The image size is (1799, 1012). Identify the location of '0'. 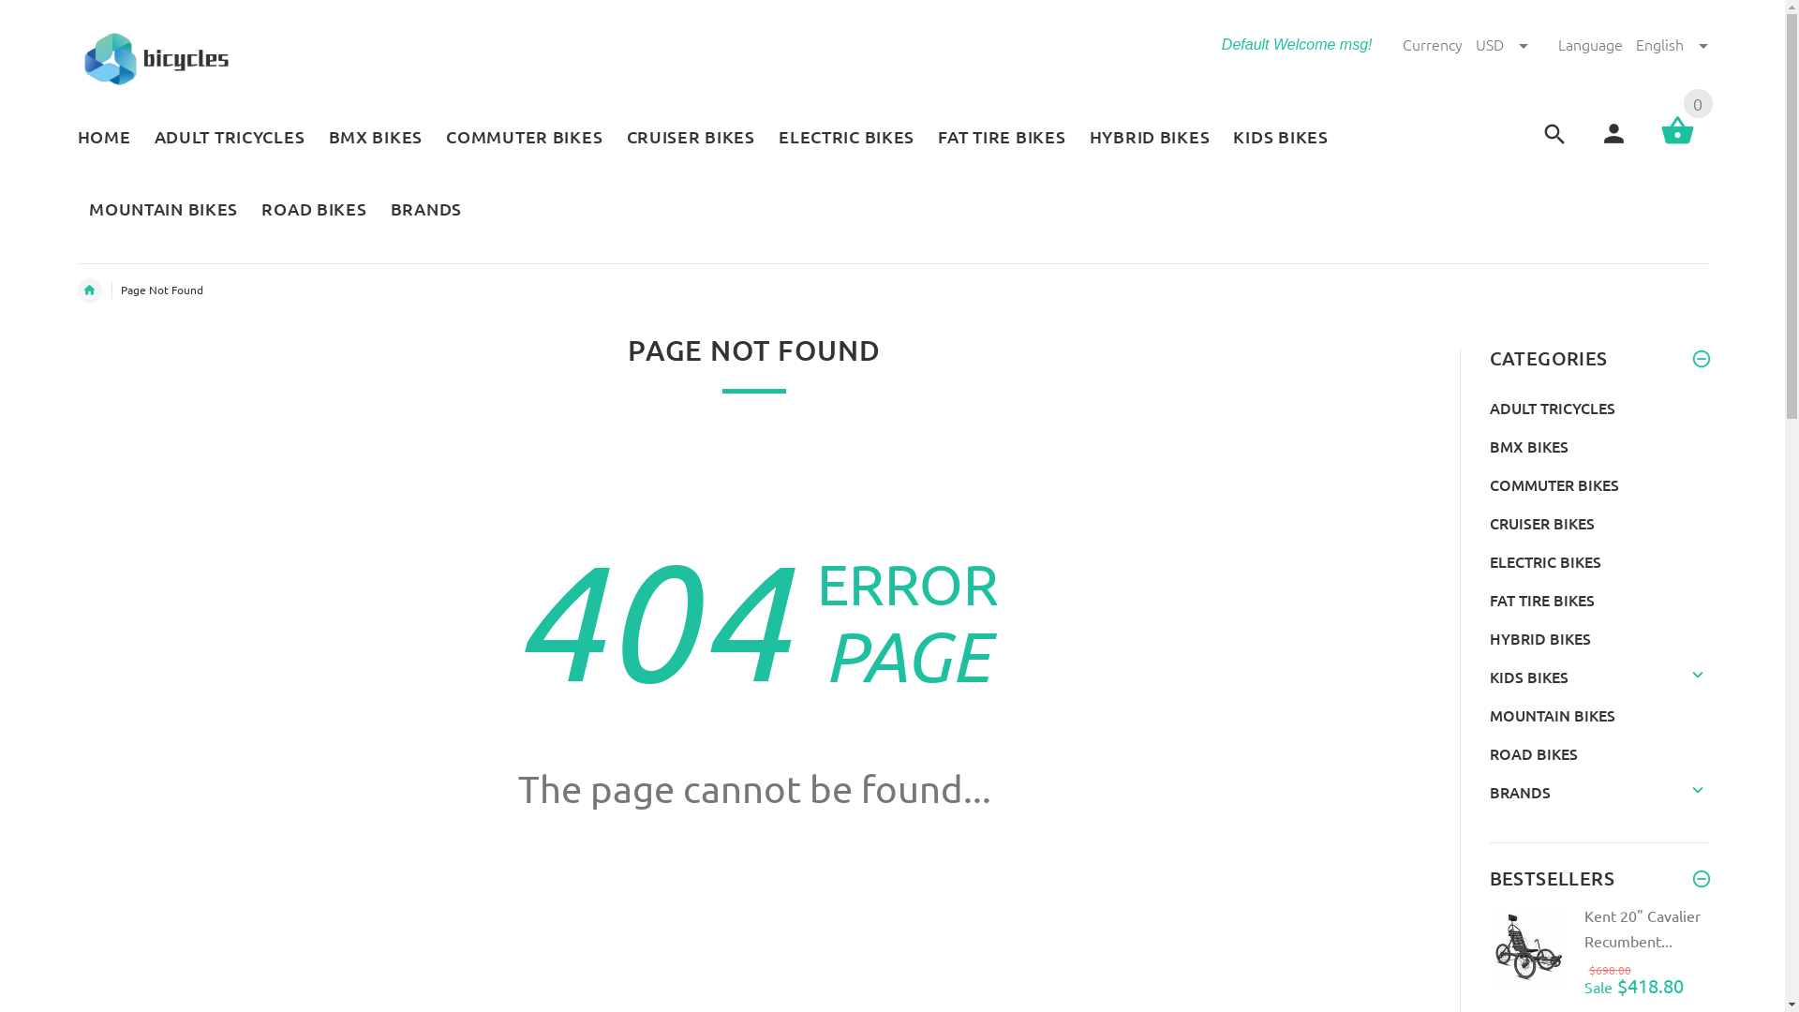
(1677, 140).